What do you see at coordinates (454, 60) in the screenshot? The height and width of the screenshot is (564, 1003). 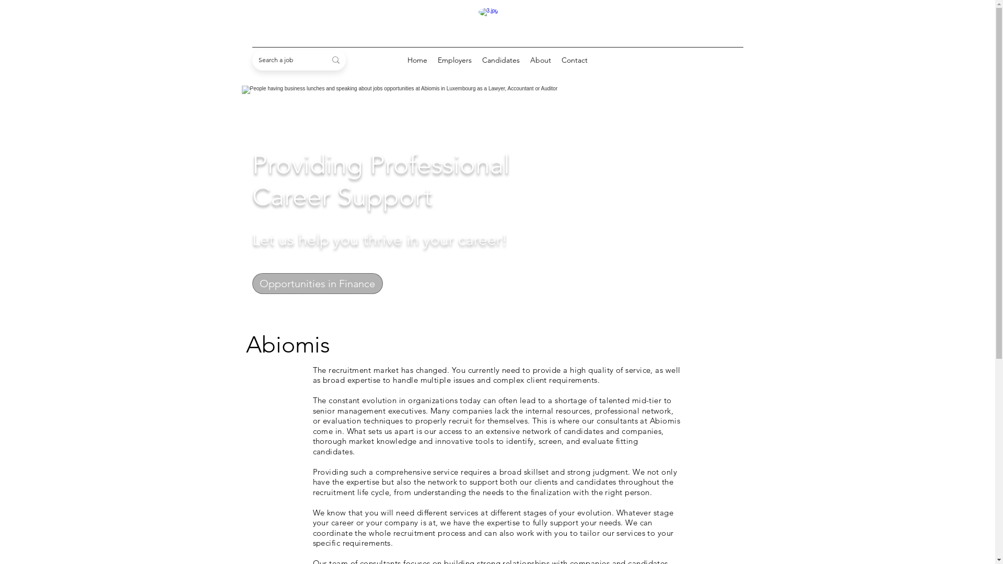 I see `'Employers'` at bounding box center [454, 60].